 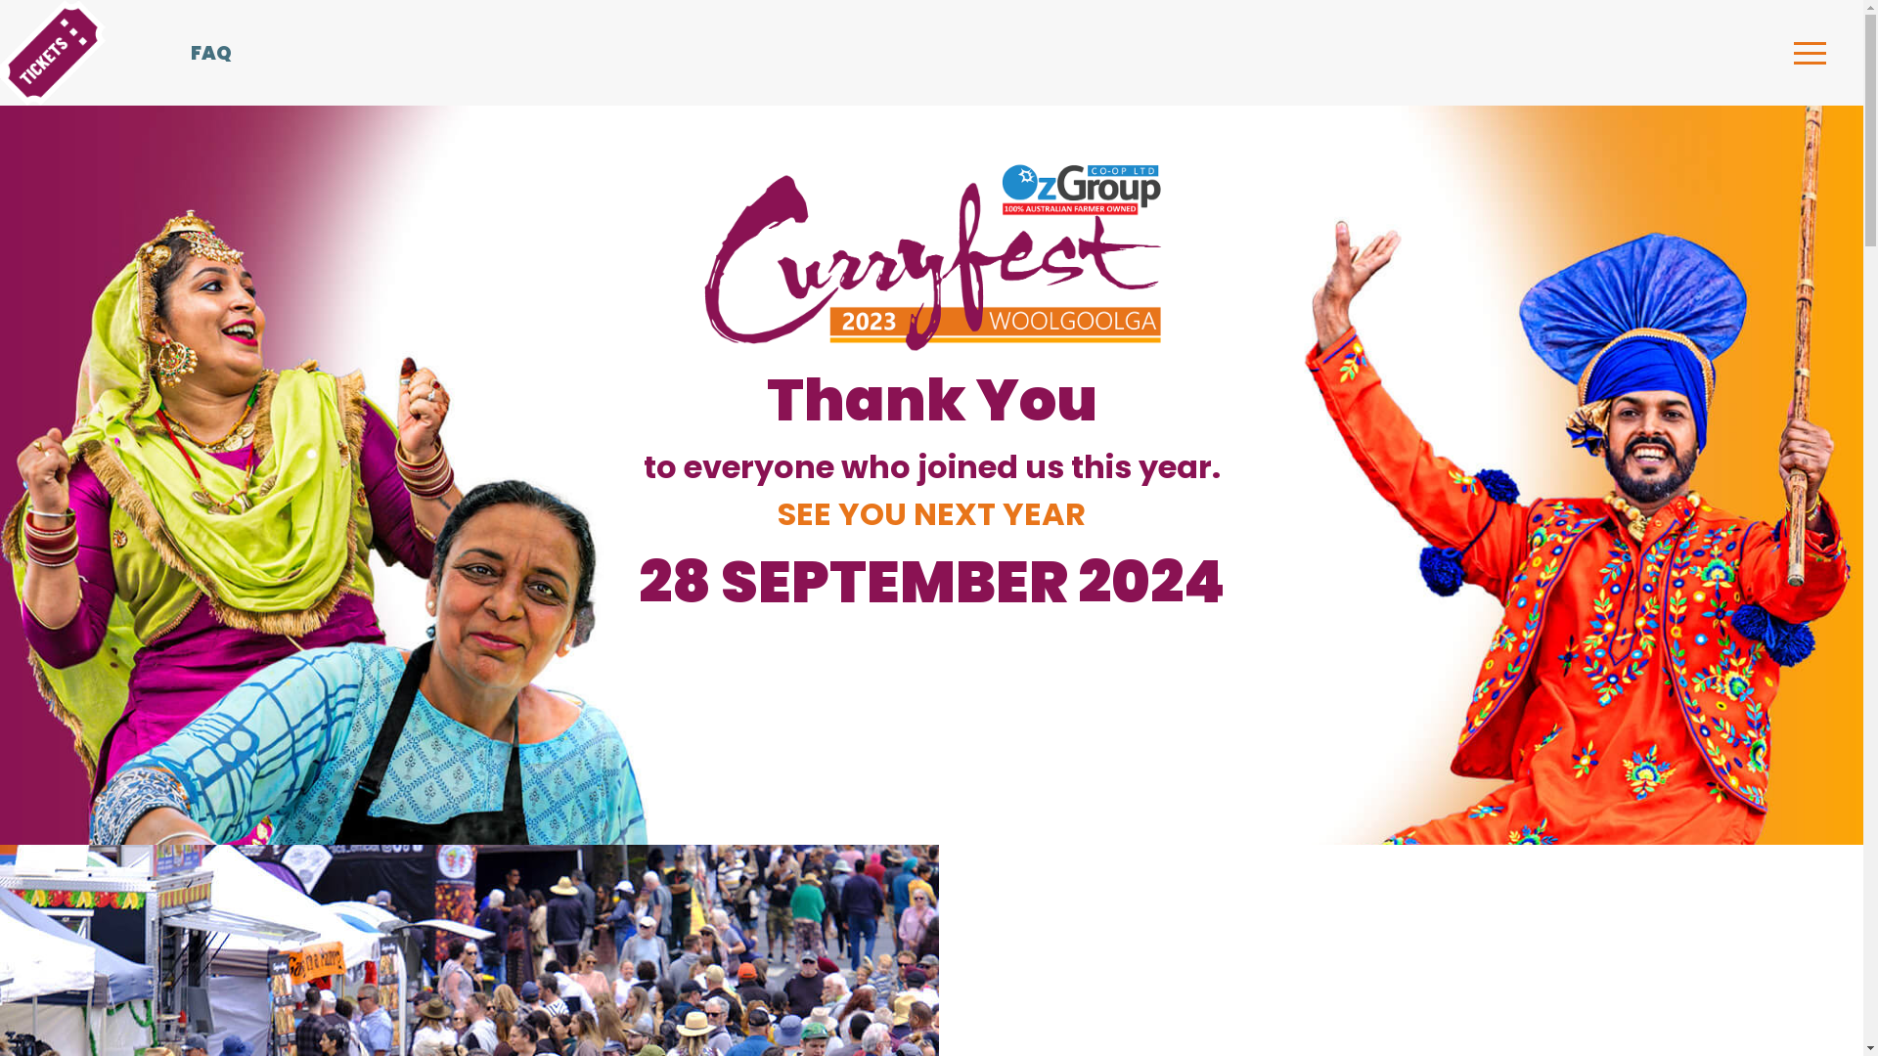 What do you see at coordinates (280, 52) in the screenshot?
I see `'FAQ'` at bounding box center [280, 52].